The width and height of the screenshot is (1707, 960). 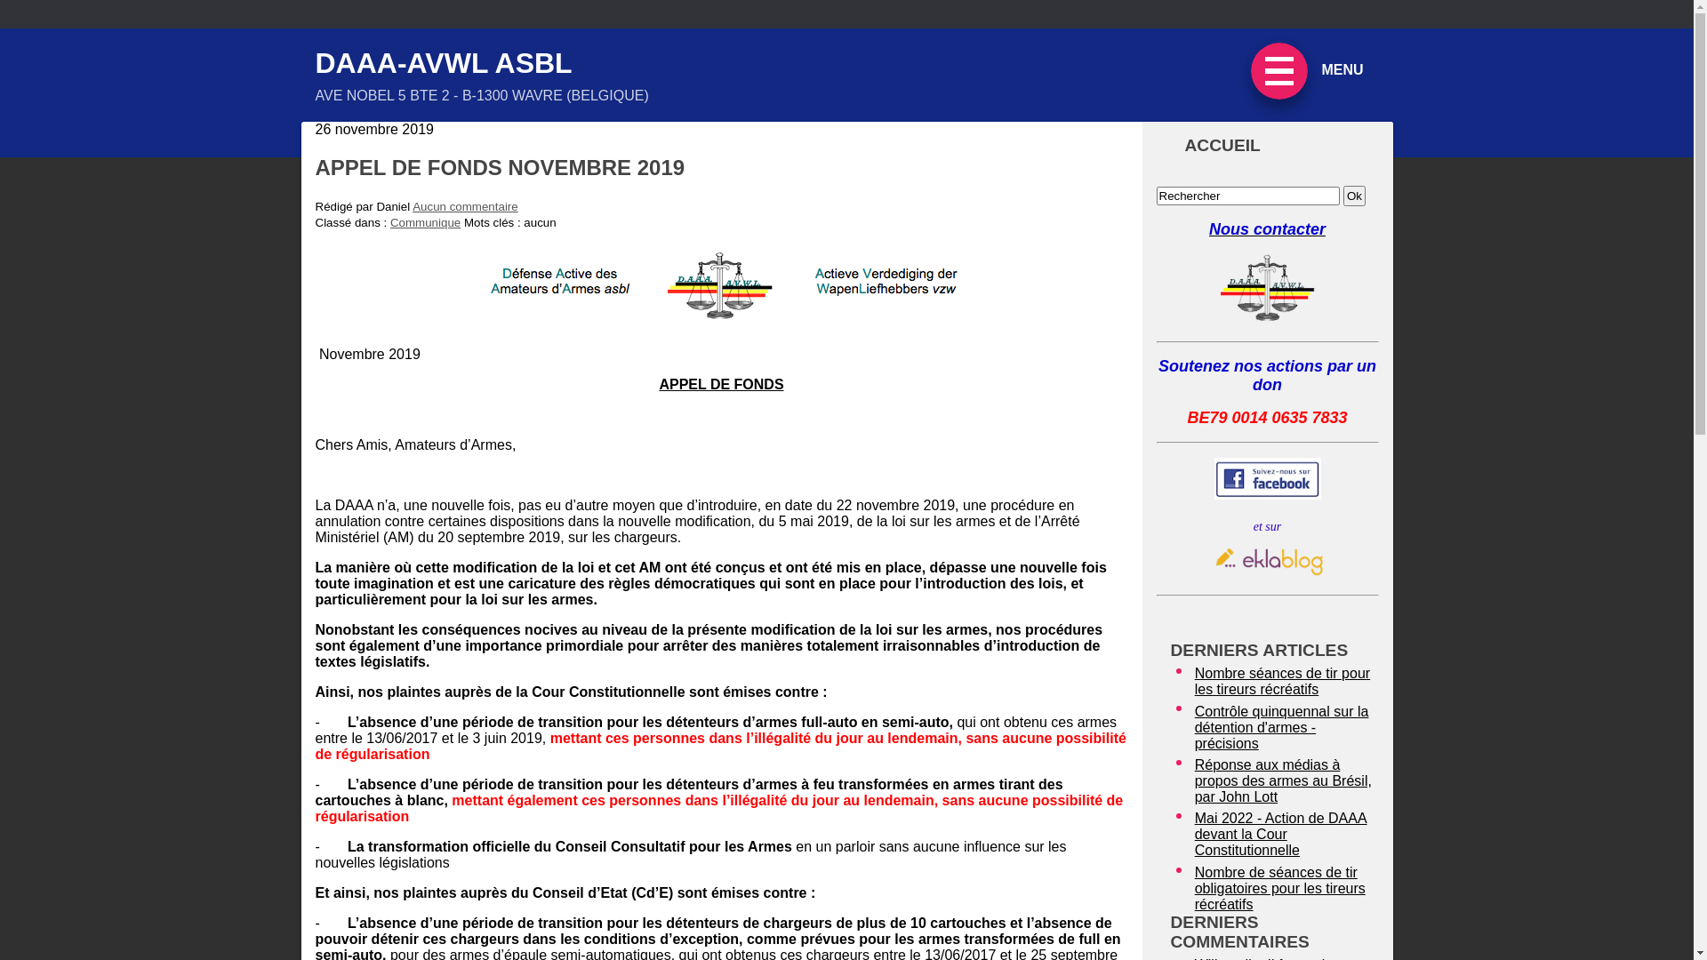 What do you see at coordinates (1266, 228) in the screenshot?
I see `'Nous contacter'` at bounding box center [1266, 228].